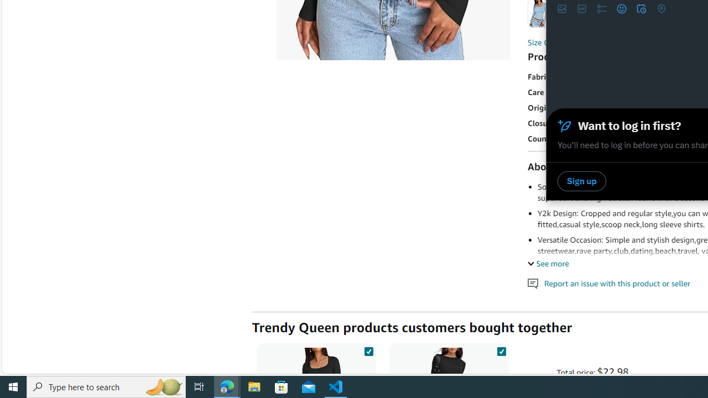 This screenshot has height=398, width=708. What do you see at coordinates (501, 349) in the screenshot?
I see `'AutomationID: thematicBundleCheck-2'` at bounding box center [501, 349].